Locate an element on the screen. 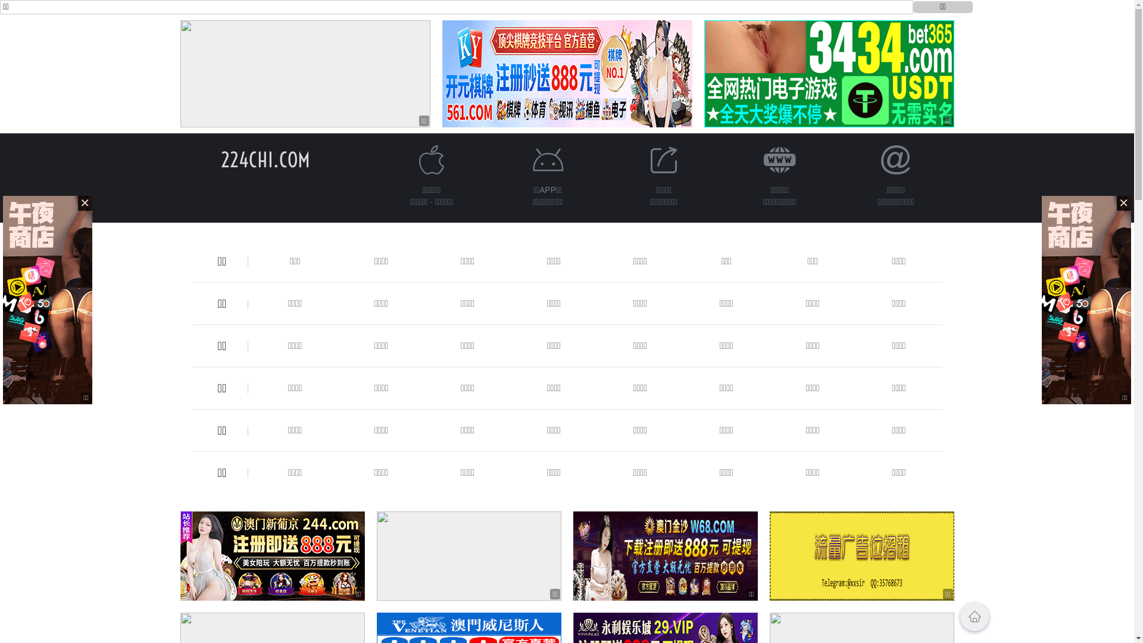 The width and height of the screenshot is (1143, 643). '224CHI.COM' is located at coordinates (264, 159).